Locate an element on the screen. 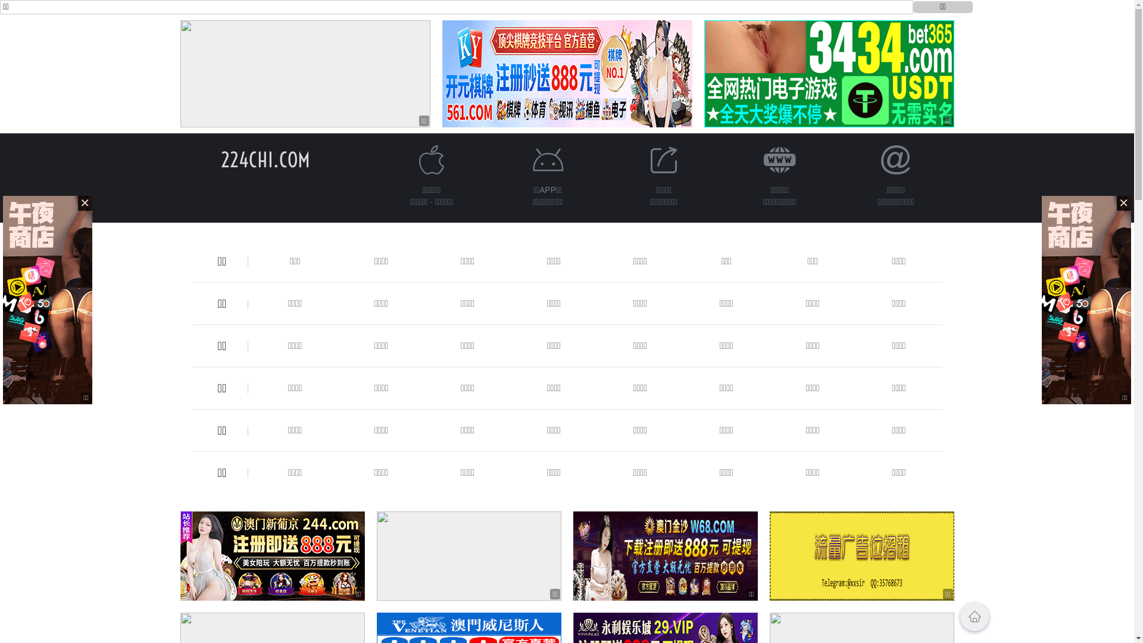 The width and height of the screenshot is (1143, 643). '224CHI.COM' is located at coordinates (264, 159).